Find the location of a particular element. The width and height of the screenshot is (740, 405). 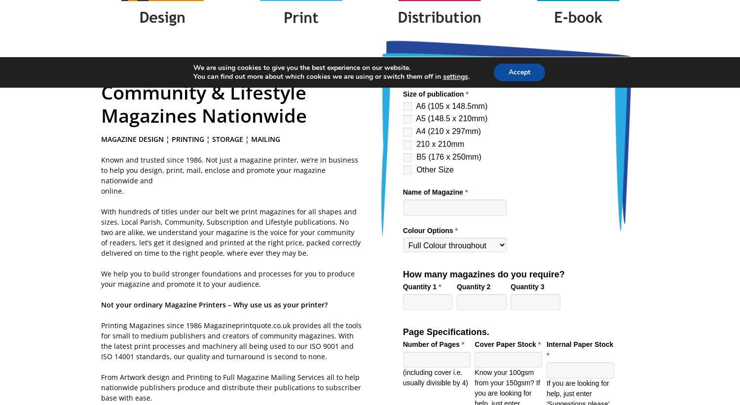

'Cover Paper Stock' is located at coordinates (506, 343).